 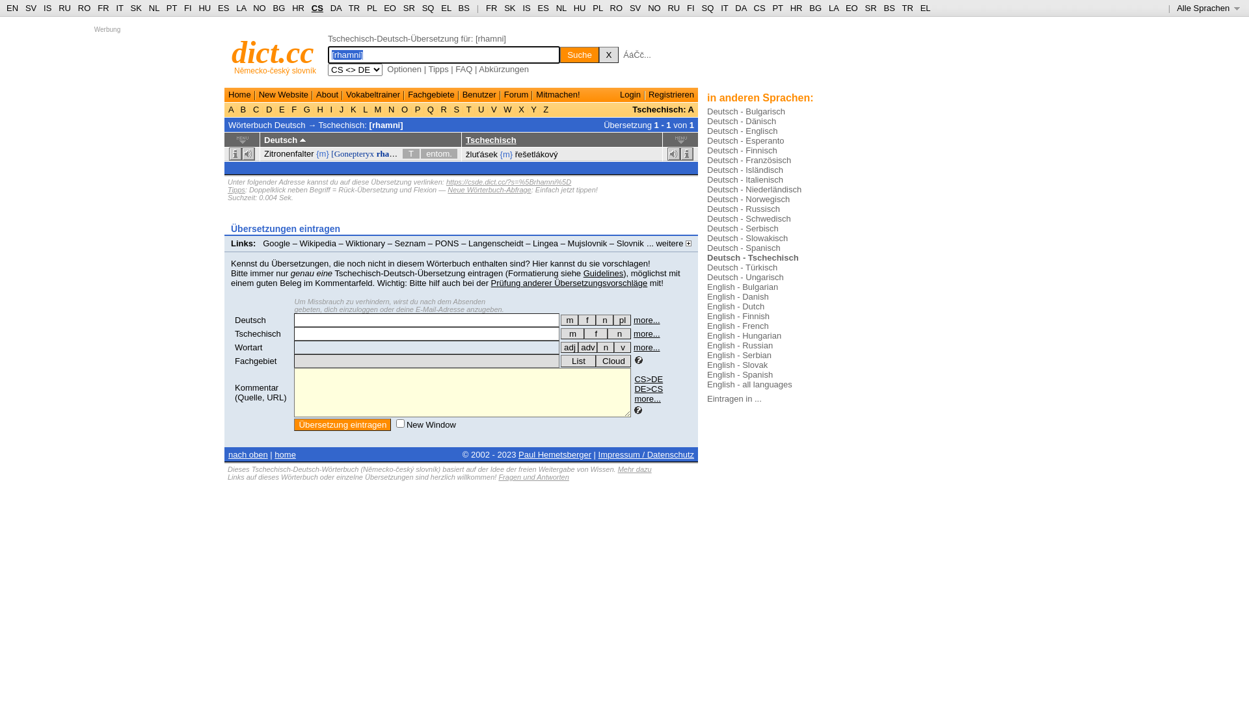 What do you see at coordinates (250, 320) in the screenshot?
I see `'Deutsch'` at bounding box center [250, 320].